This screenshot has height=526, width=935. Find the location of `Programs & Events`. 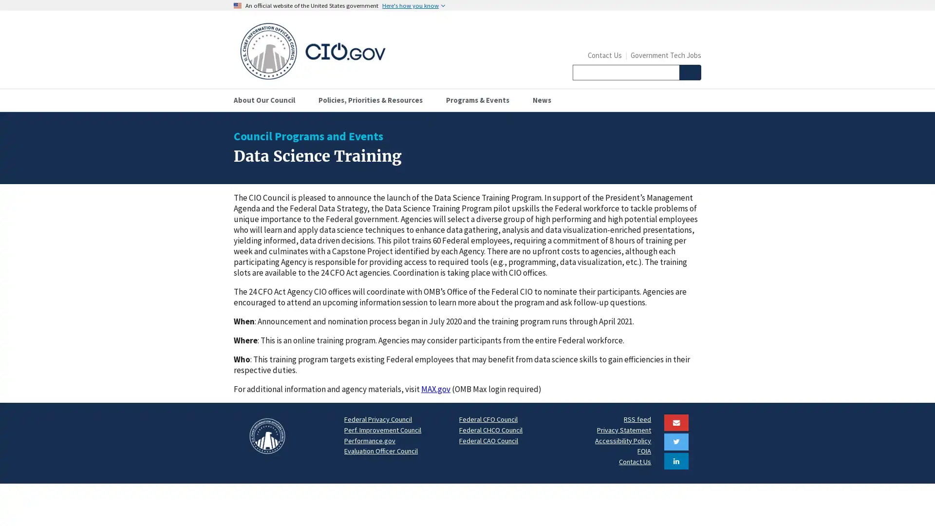

Programs & Events is located at coordinates (481, 100).